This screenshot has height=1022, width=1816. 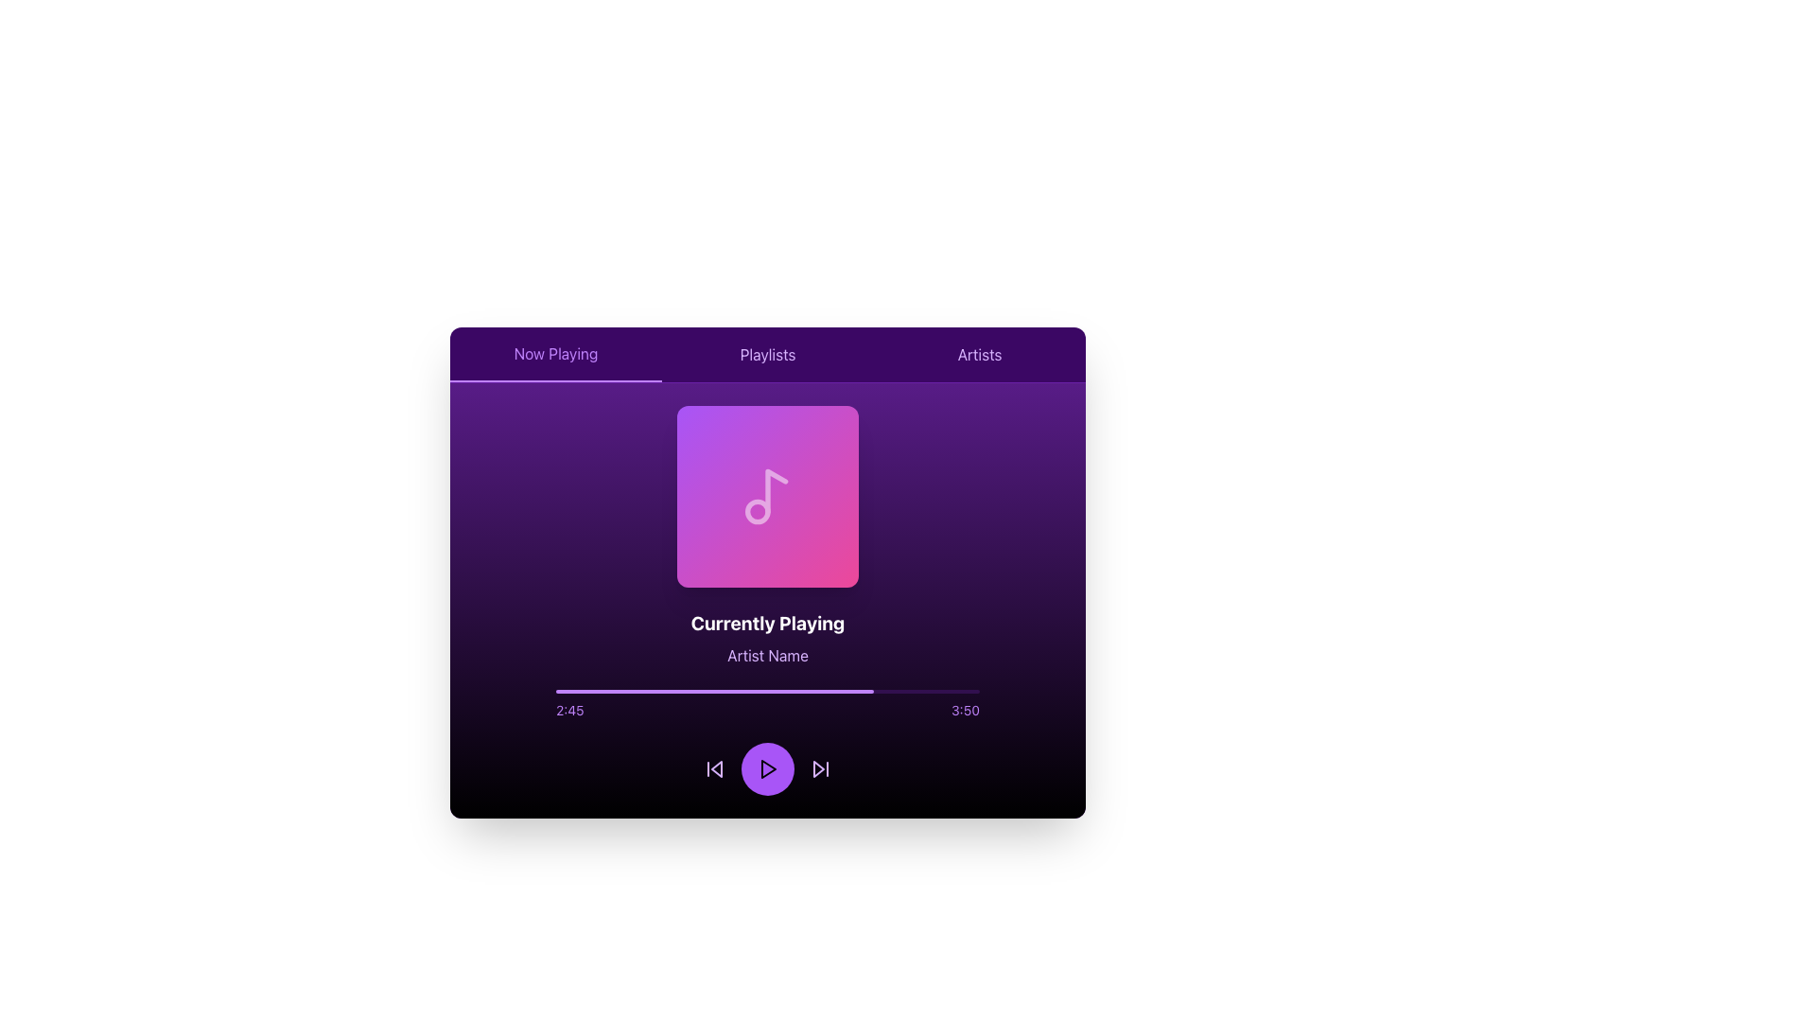 I want to click on information displayed on the music player display component located centrally below the logo and above the media control buttons, so click(x=767, y=601).